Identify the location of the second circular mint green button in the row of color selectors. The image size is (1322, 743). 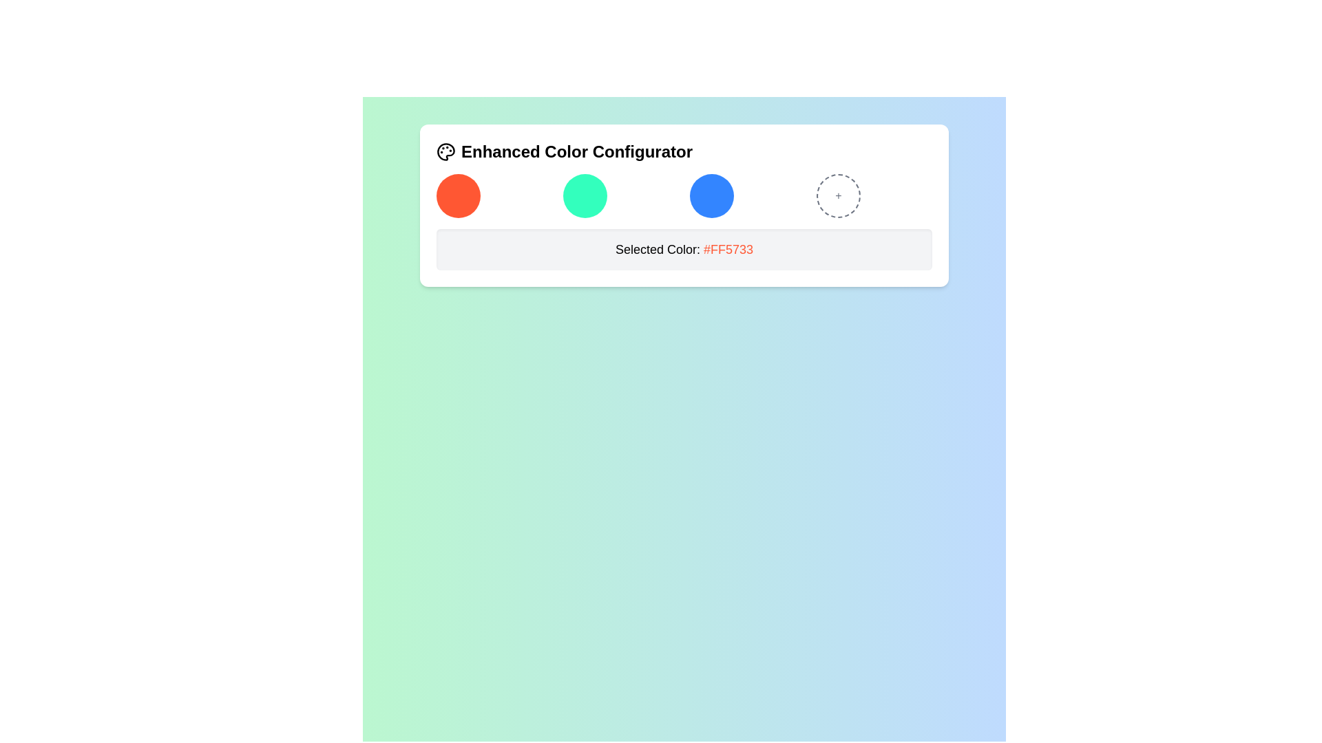
(620, 196).